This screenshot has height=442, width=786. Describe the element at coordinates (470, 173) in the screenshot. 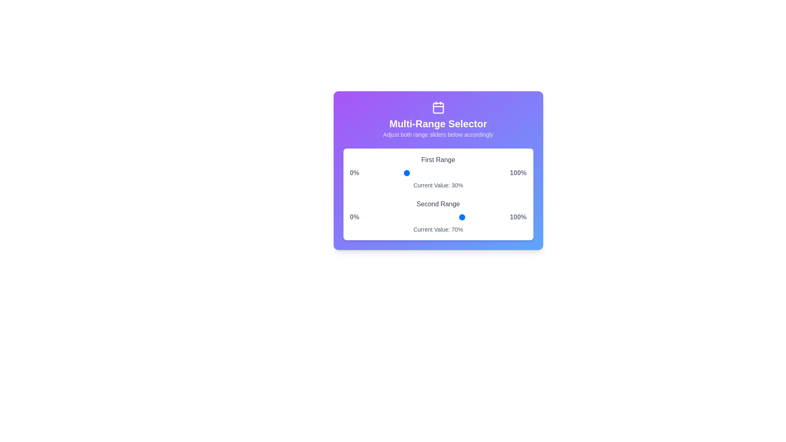

I see `the first range slider value` at that location.